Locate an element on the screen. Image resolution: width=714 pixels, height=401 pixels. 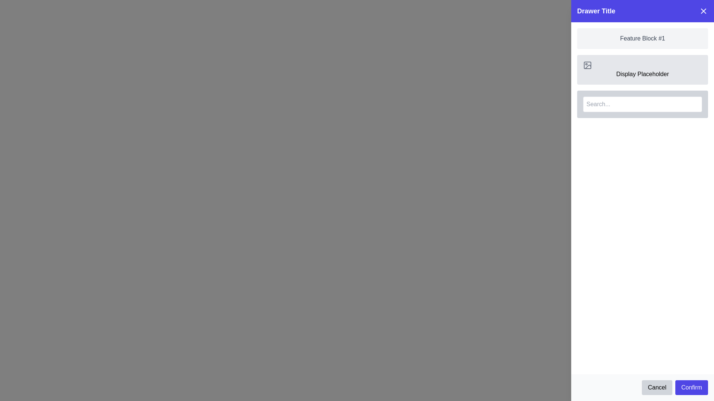
the 'X' close icon located in the top-right corner of the panel header, next to the title 'Drawer Title' is located at coordinates (703, 11).